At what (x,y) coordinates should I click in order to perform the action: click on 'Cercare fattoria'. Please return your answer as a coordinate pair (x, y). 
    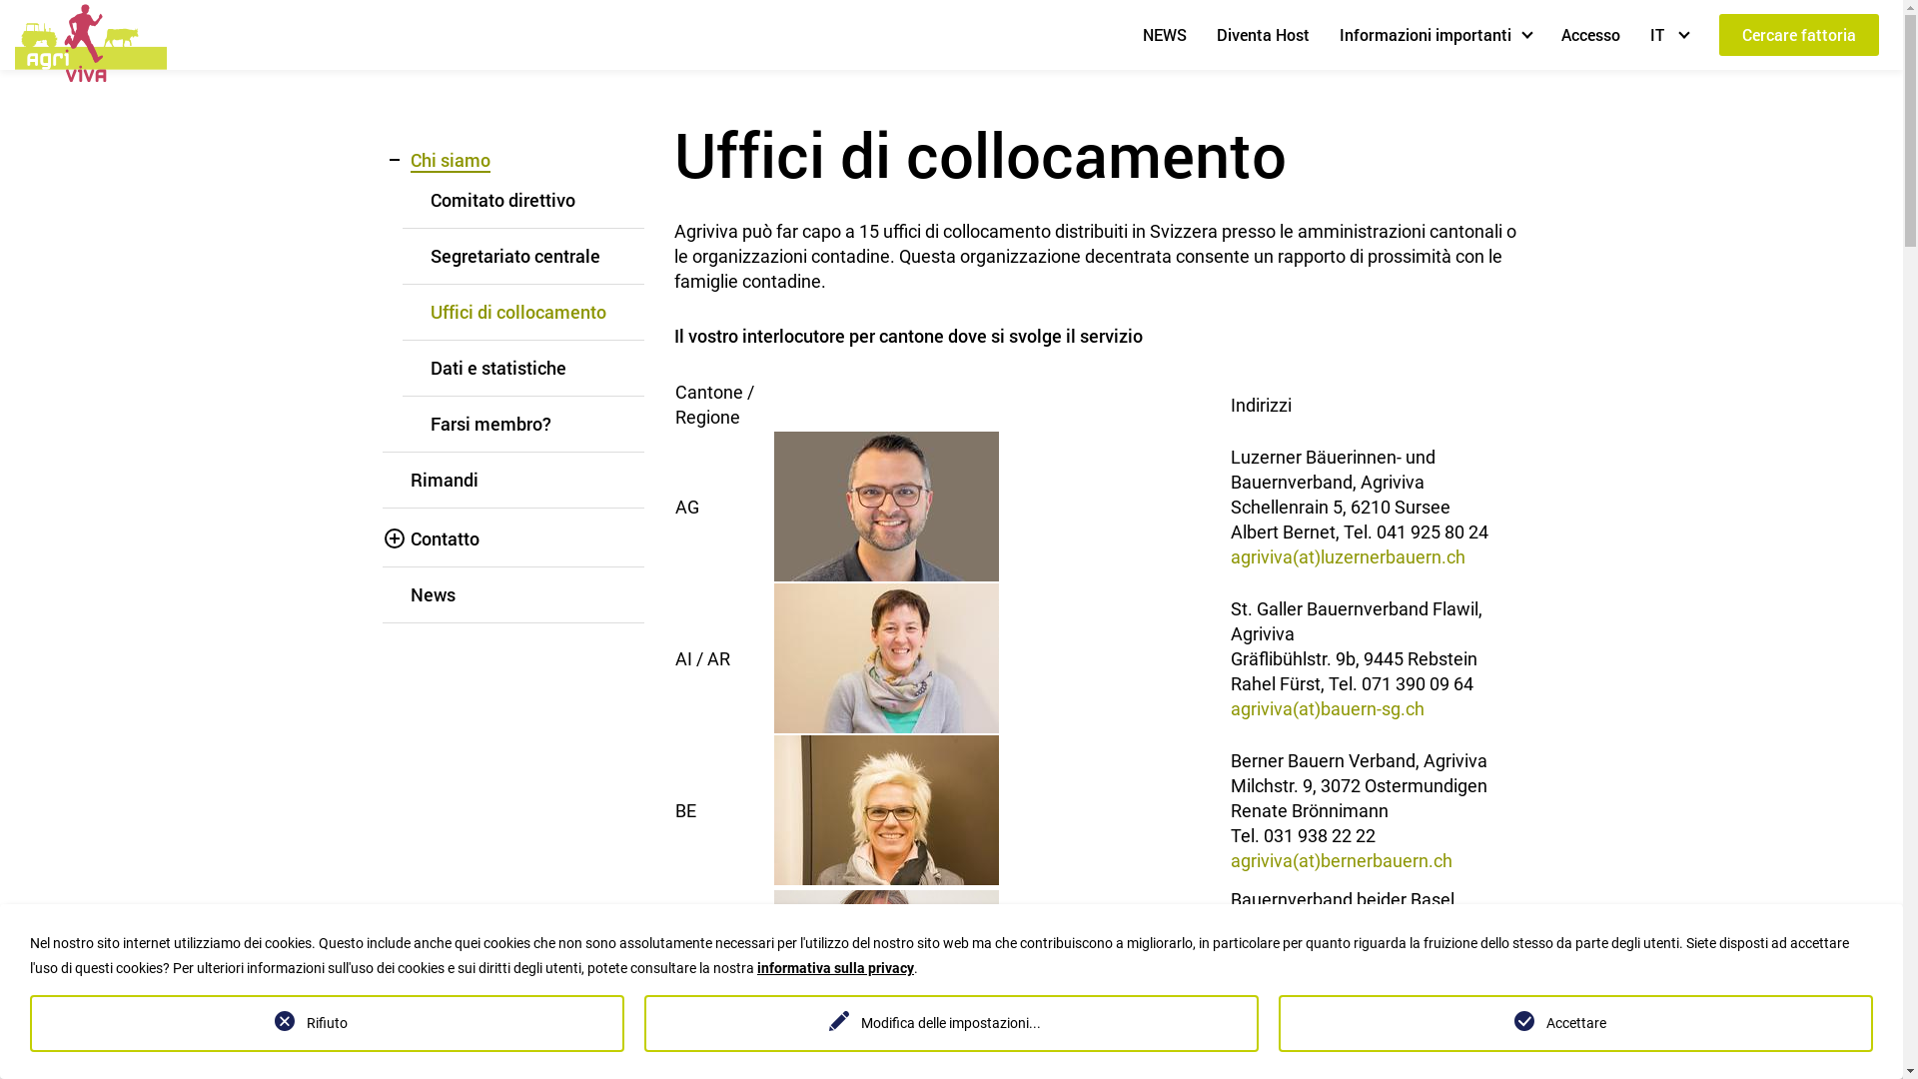
    Looking at the image, I should click on (1718, 34).